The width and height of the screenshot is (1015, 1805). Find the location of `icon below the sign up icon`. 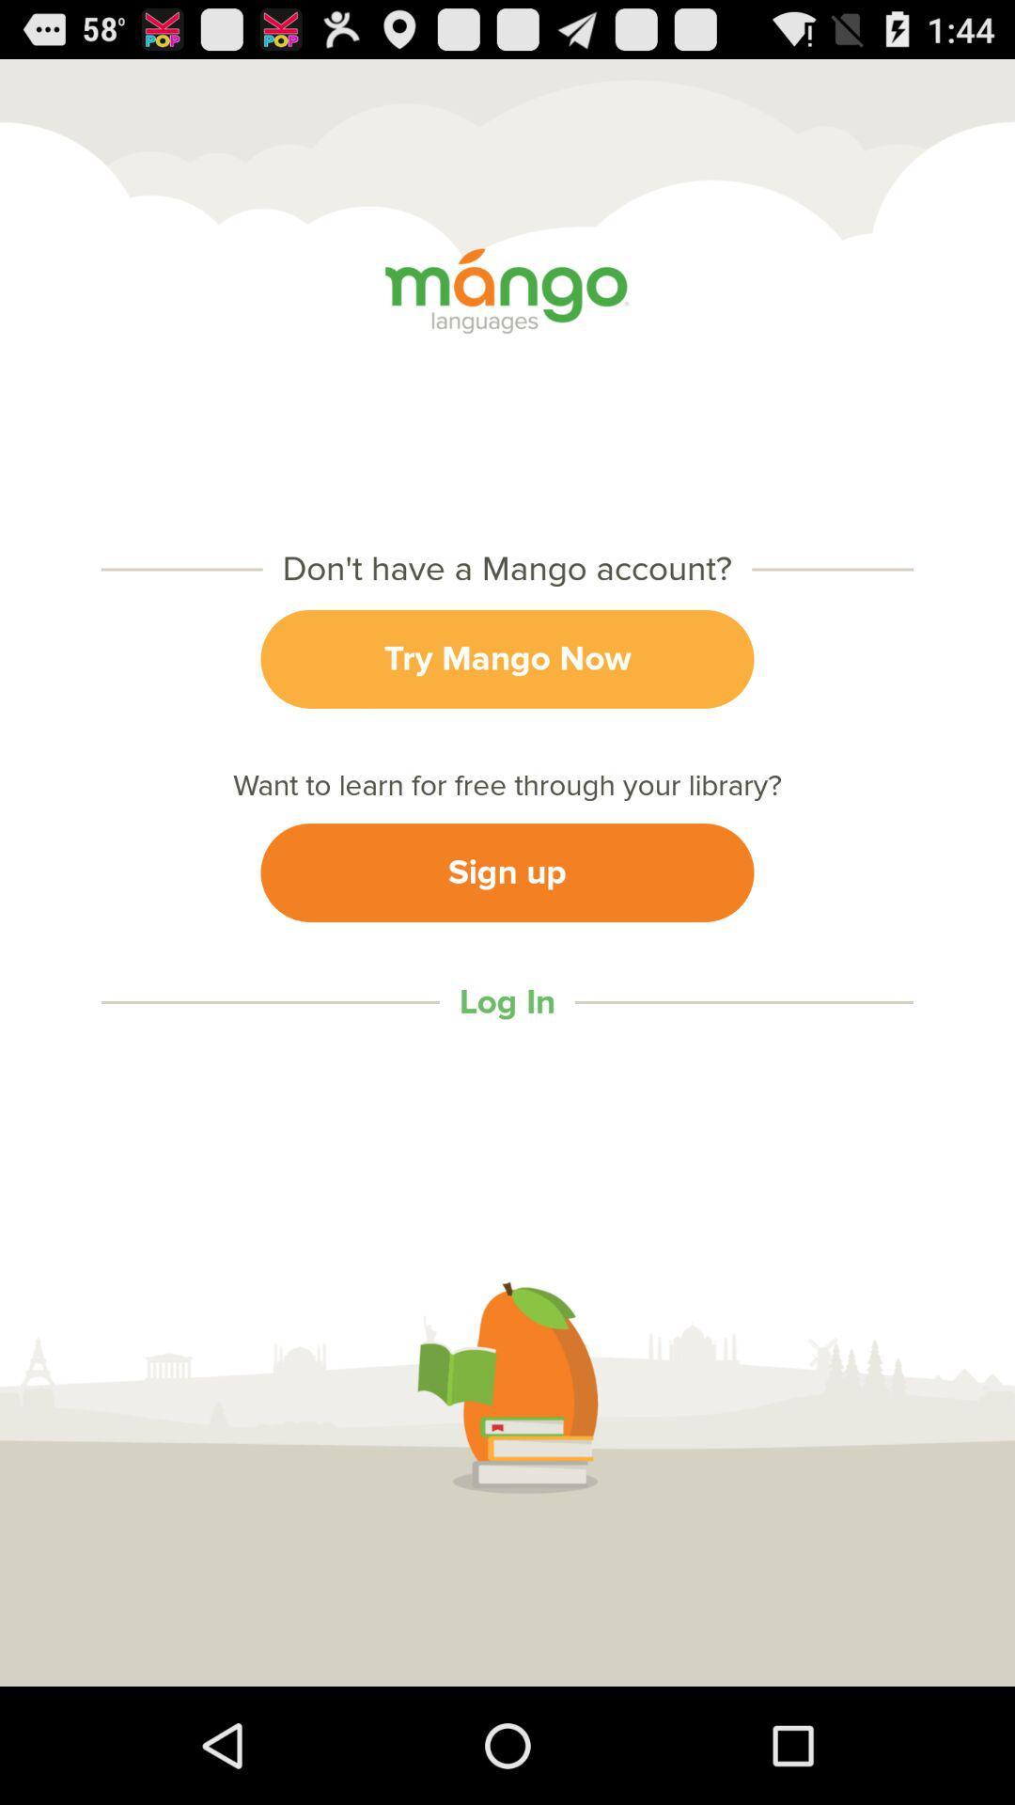

icon below the sign up icon is located at coordinates (507, 1001).